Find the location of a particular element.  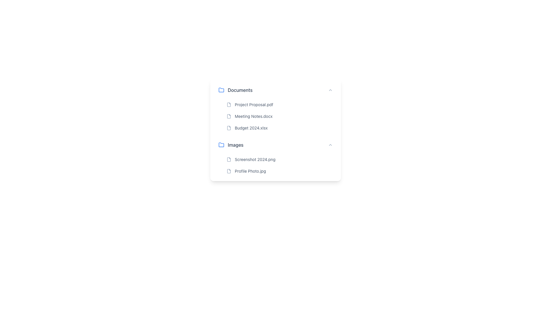

the text label that identifies the 'Images' folder, which is located under the 'Documents' section, between 'Budget 2024.xlsx' and 'Screenshot 2024.png' is located at coordinates (235, 145).